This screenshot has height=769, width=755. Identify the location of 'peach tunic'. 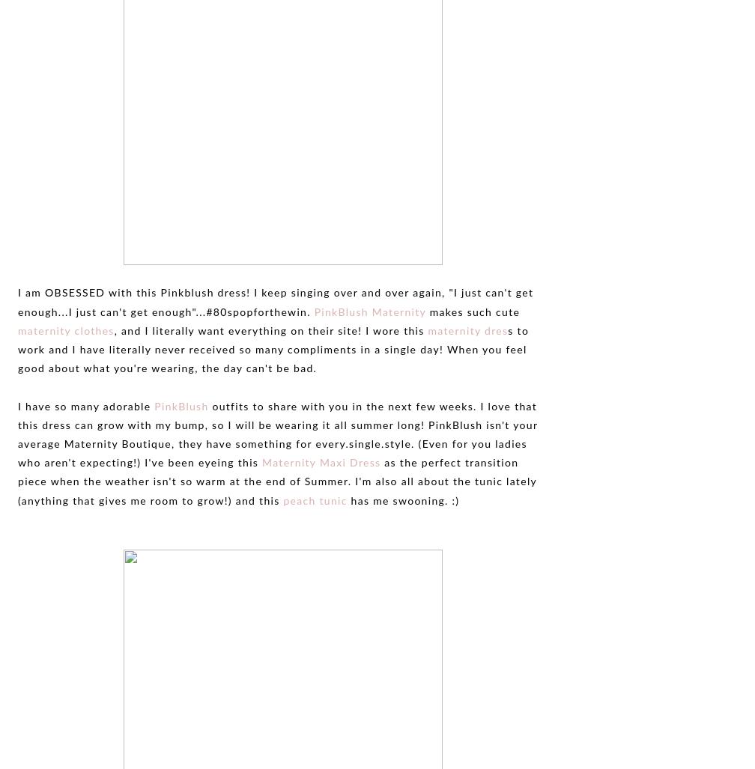
(315, 499).